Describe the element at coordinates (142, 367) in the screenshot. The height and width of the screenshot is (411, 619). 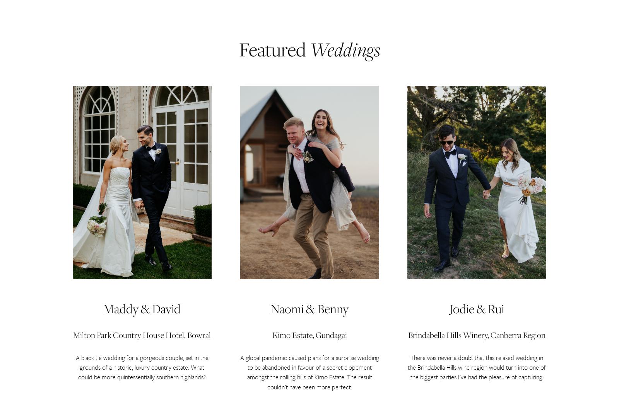
I see `'A black tie wedding for a gorgeous couple, set in the grounds of a historic, luxury country estate. What could be more quintessentially southern highlands?'` at that location.